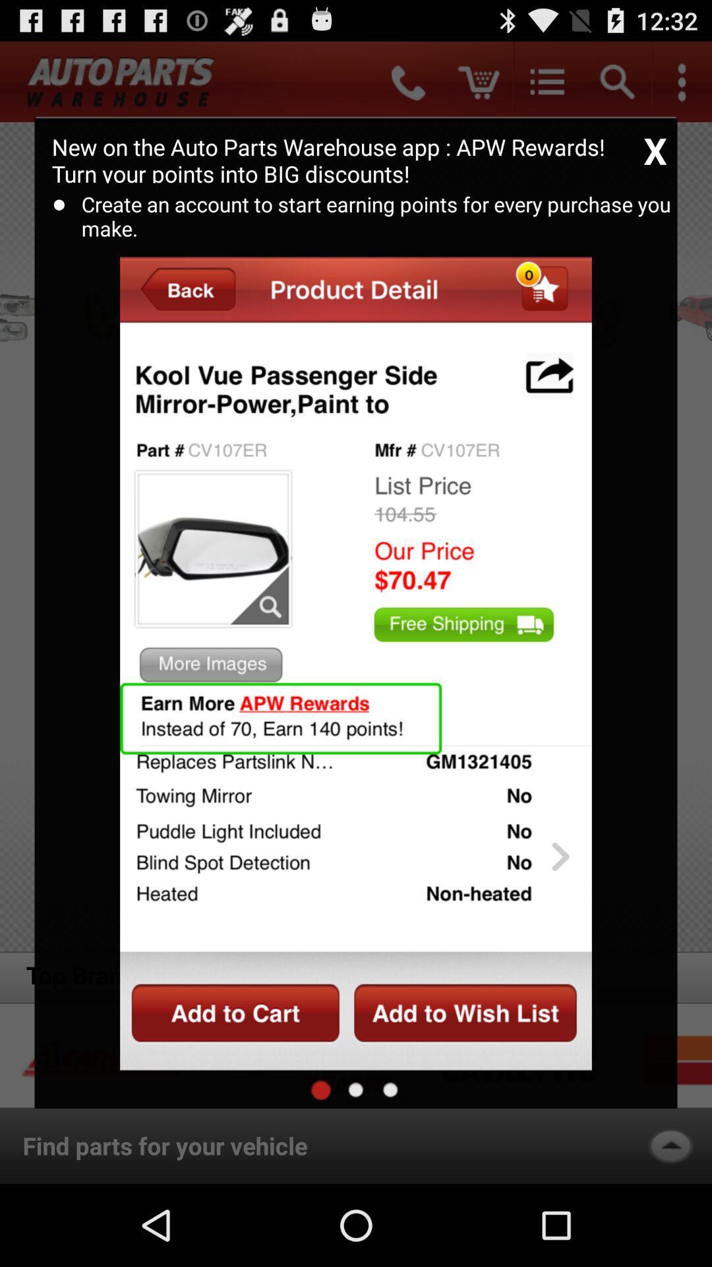  What do you see at coordinates (356, 1089) in the screenshot?
I see `center screen` at bounding box center [356, 1089].